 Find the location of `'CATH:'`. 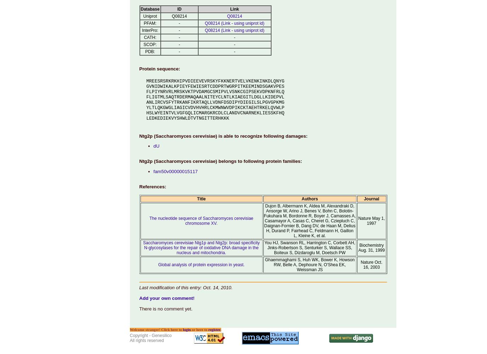

'CATH:' is located at coordinates (149, 37).